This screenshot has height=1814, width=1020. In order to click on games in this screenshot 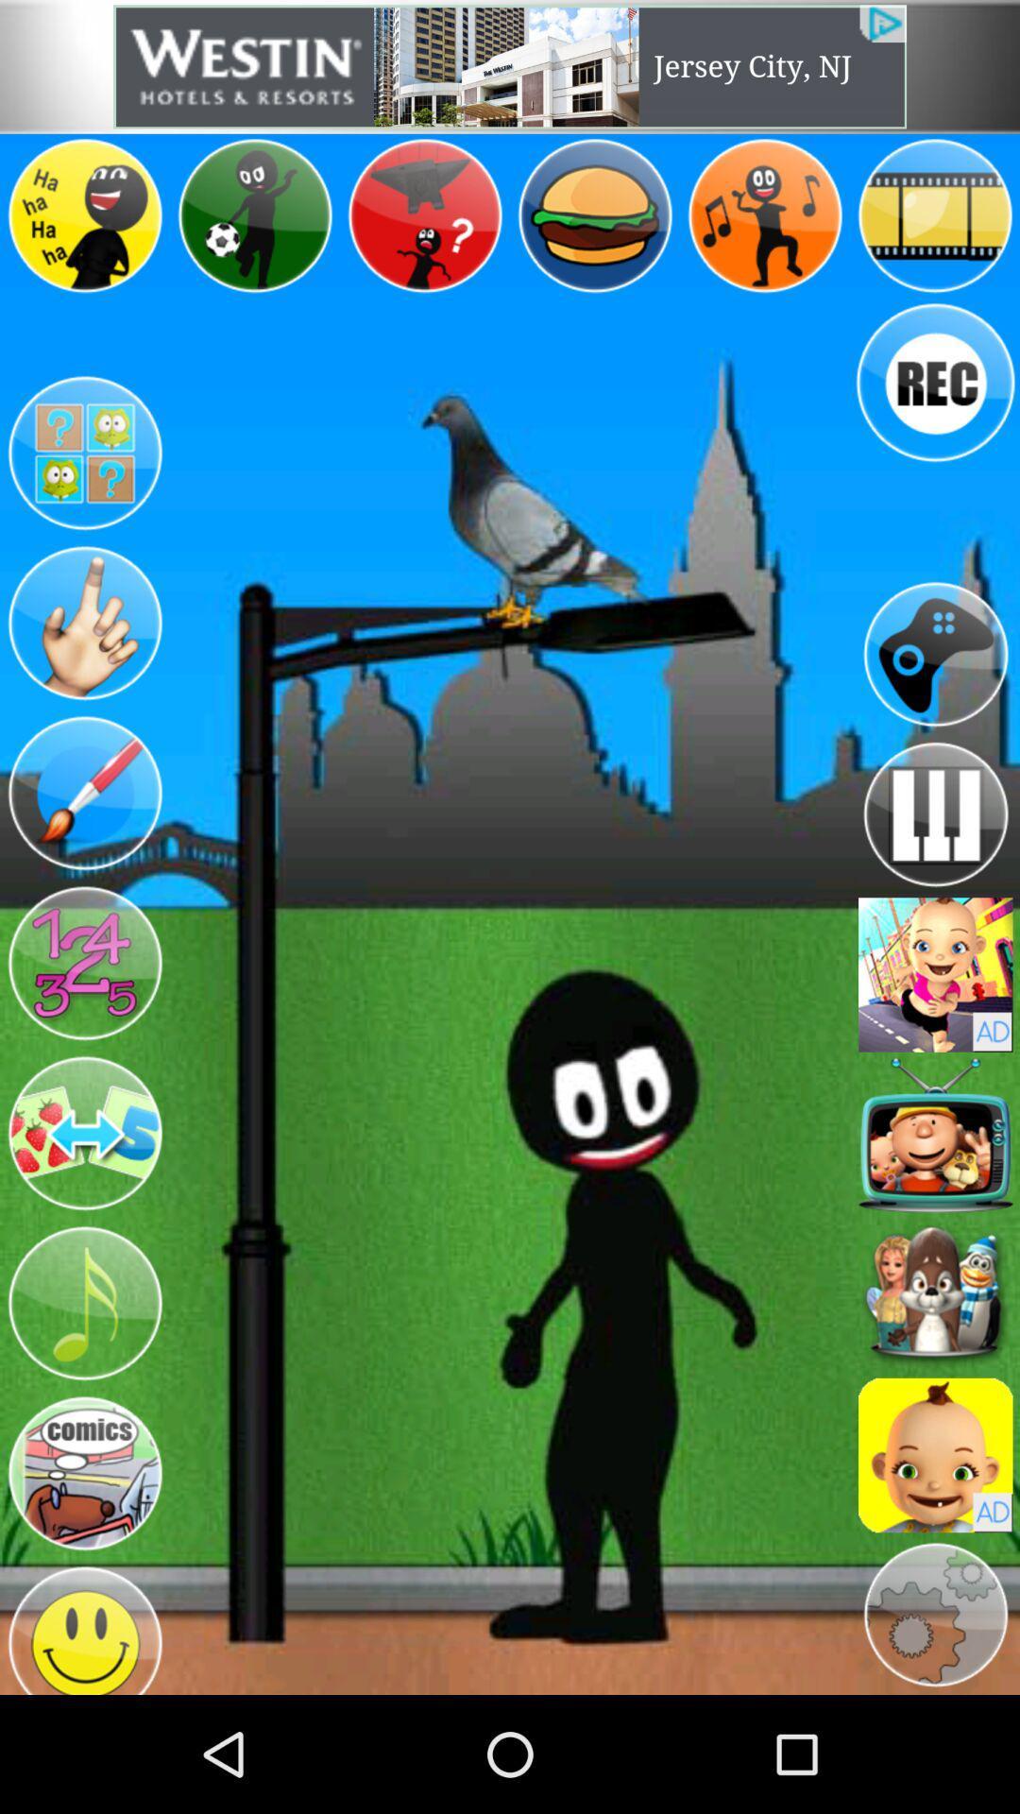, I will do `click(935, 654)`.